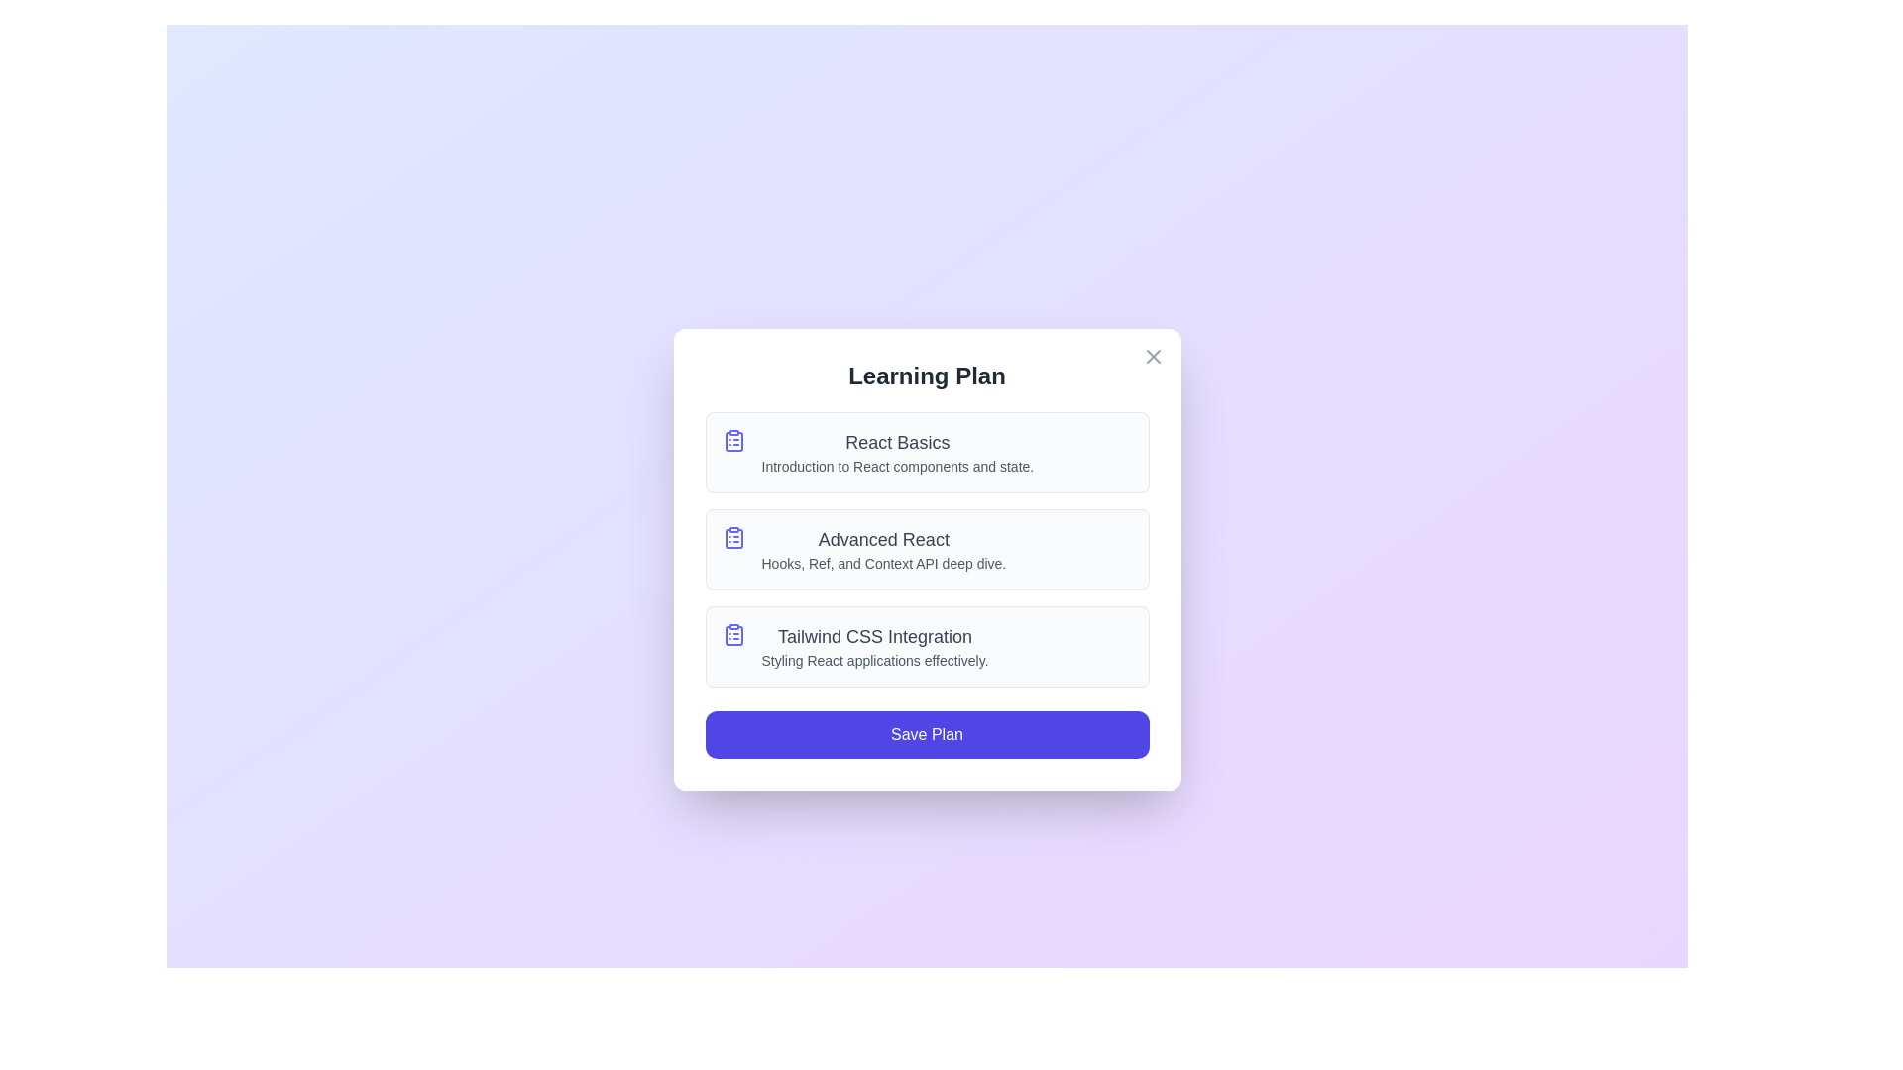  I want to click on the lesson item React Basics to highlight it, so click(926, 452).